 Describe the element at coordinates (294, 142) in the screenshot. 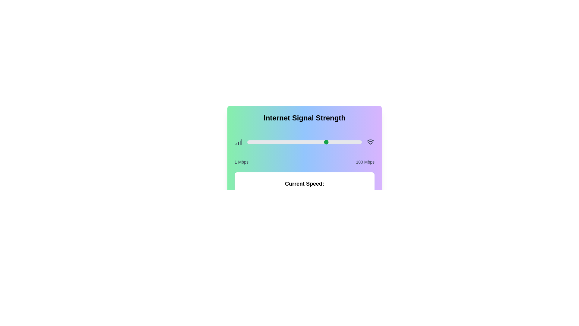

I see `the signal strength slider to 41 percentage` at that location.